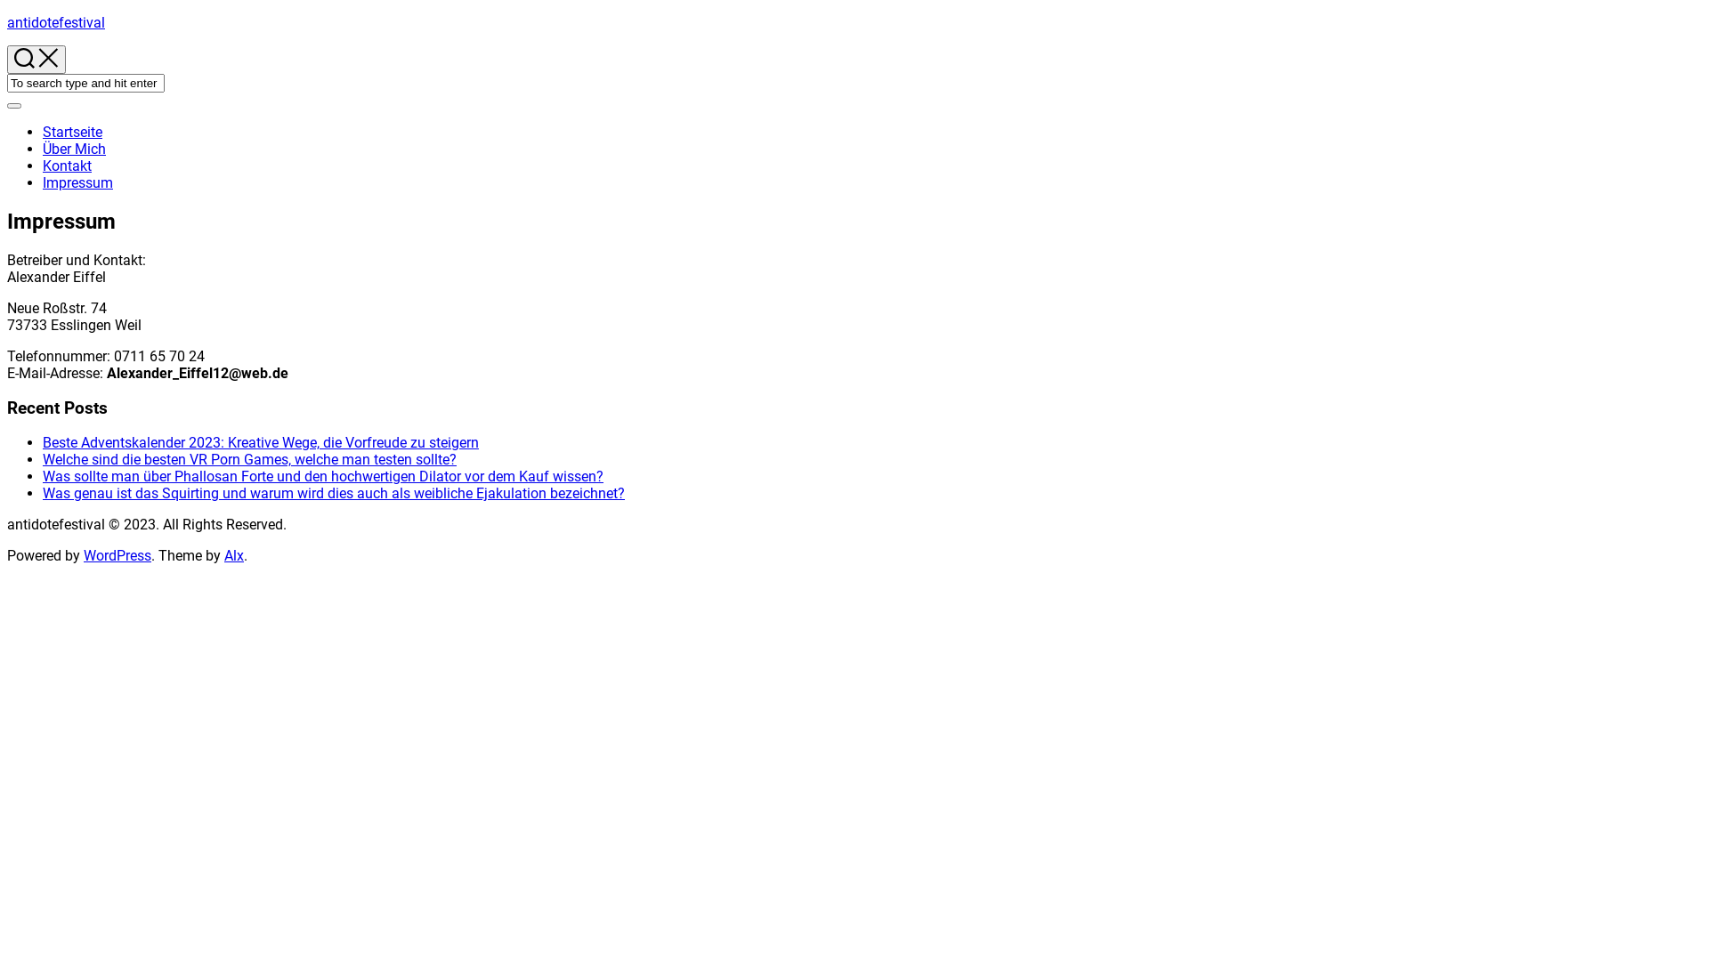 The height and width of the screenshot is (961, 1709). Describe the element at coordinates (6, 13) in the screenshot. I see `'Skip to content'` at that location.